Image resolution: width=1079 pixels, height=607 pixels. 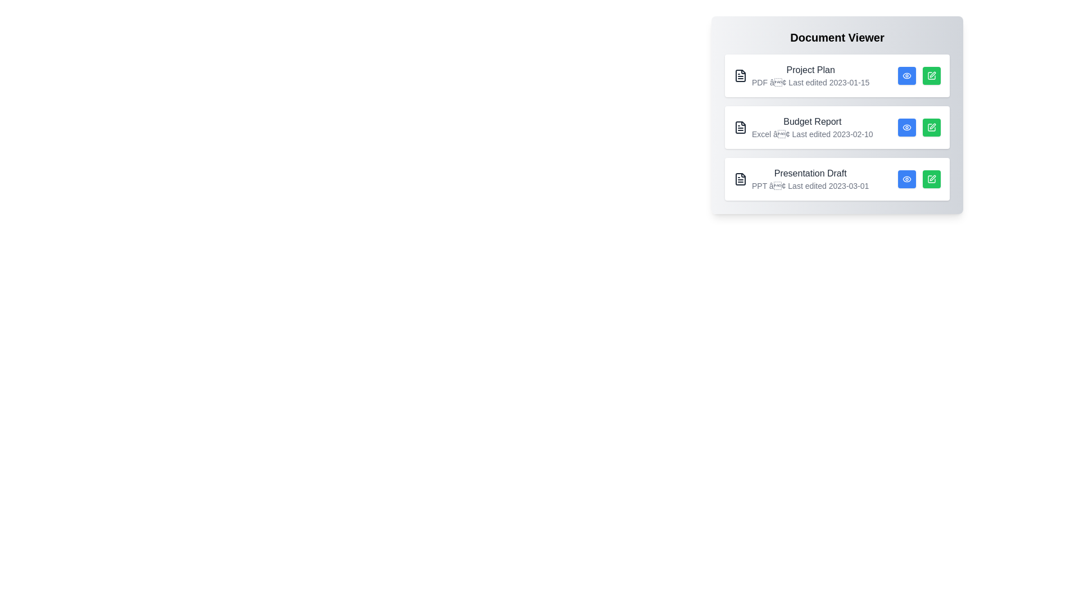 I want to click on the icon corresponding to Project Plan to display its tooltip, so click(x=741, y=76).